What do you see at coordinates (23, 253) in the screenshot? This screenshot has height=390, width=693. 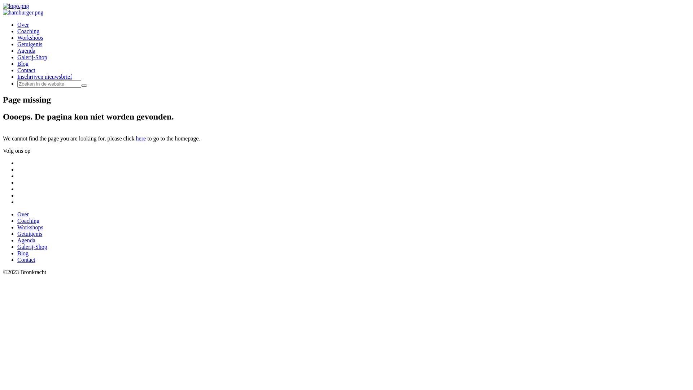 I see `'Blog'` at bounding box center [23, 253].